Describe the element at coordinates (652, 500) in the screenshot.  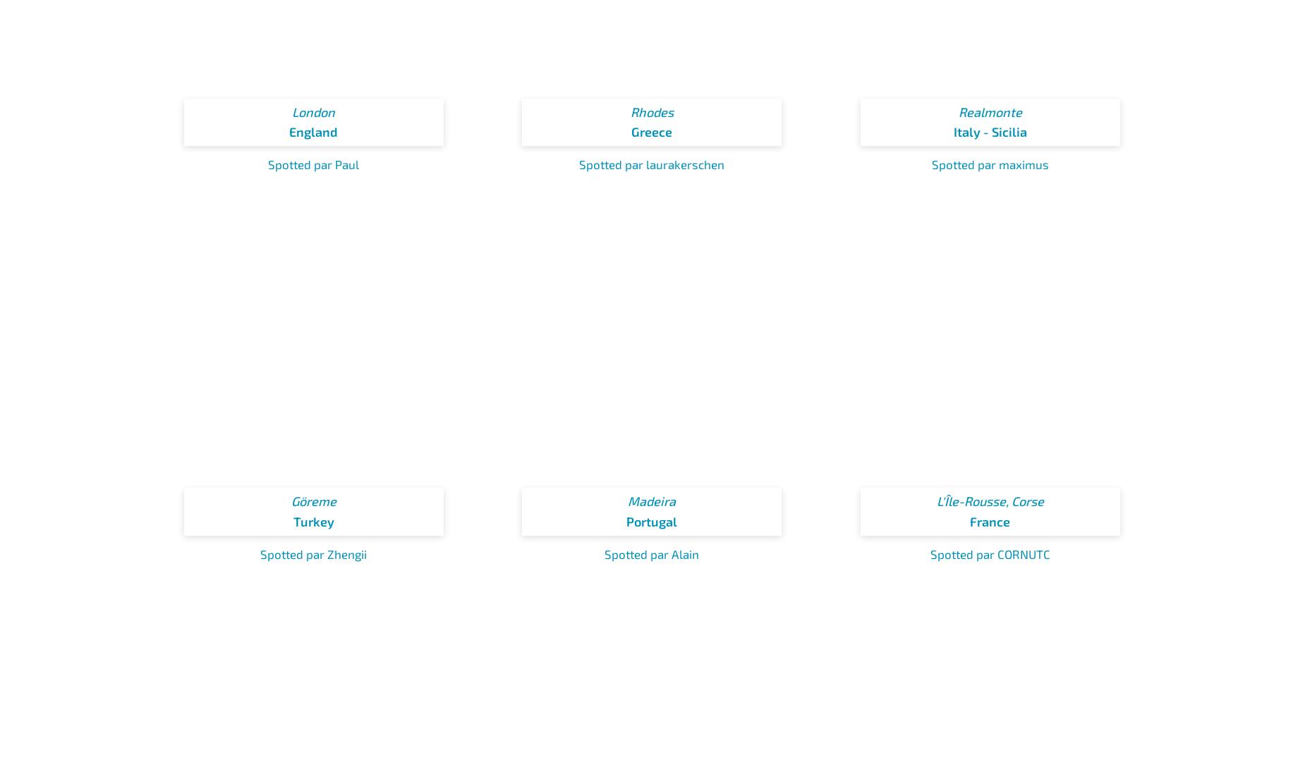
I see `'Madeira'` at that location.